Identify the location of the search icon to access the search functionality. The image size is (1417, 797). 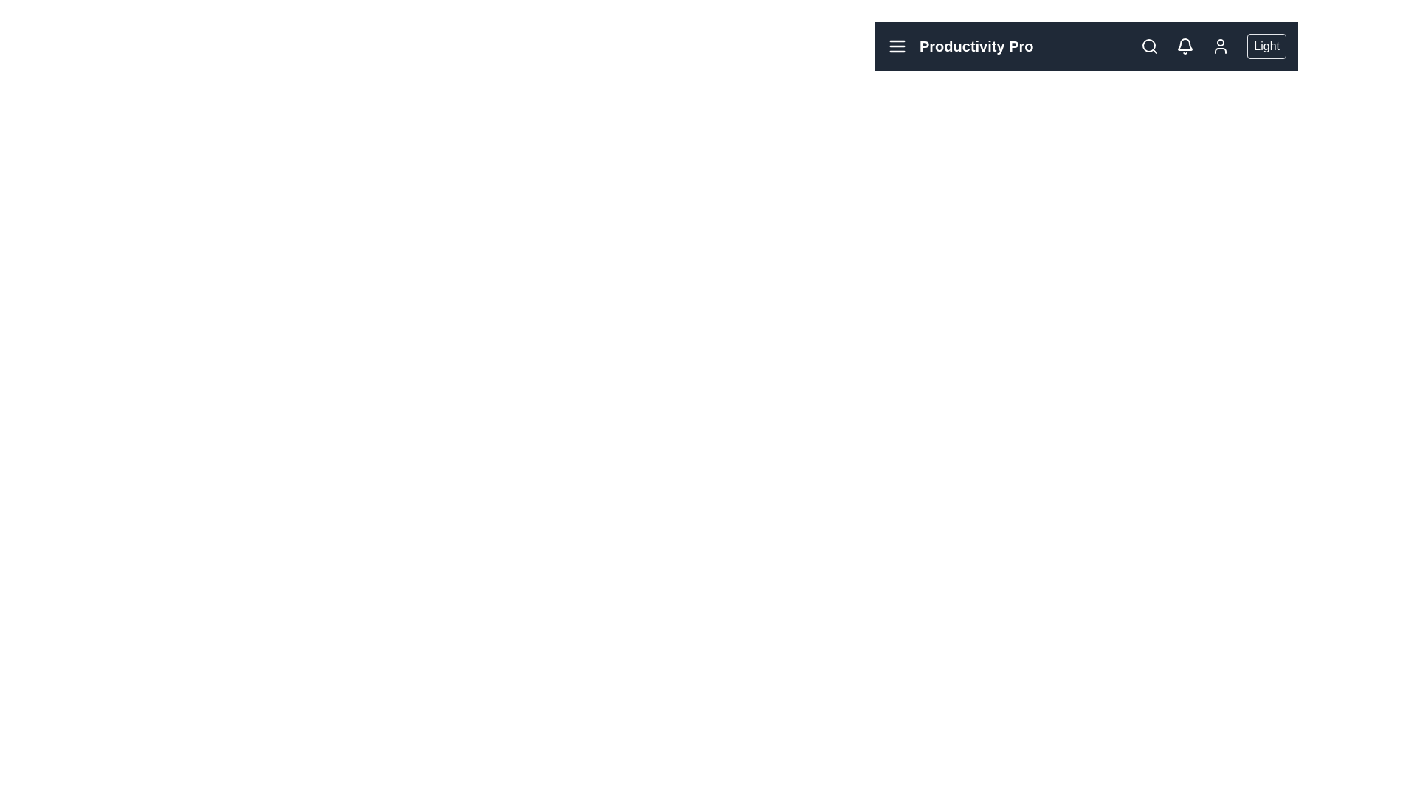
(1149, 45).